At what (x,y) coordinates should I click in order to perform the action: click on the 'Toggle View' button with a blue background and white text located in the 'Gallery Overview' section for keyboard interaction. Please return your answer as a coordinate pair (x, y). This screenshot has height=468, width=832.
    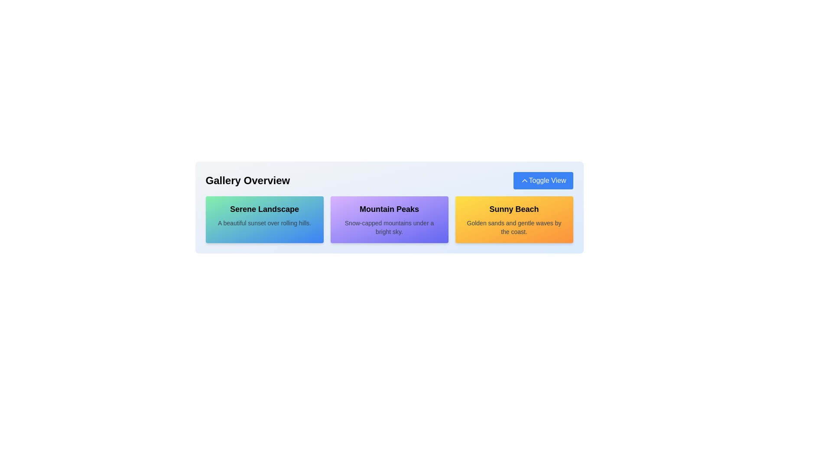
    Looking at the image, I should click on (543, 180).